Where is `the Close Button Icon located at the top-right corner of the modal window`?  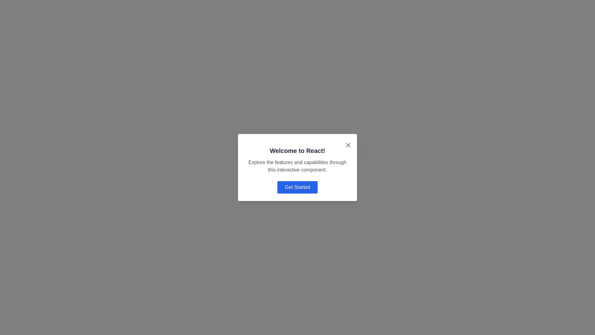 the Close Button Icon located at the top-right corner of the modal window is located at coordinates (348, 145).